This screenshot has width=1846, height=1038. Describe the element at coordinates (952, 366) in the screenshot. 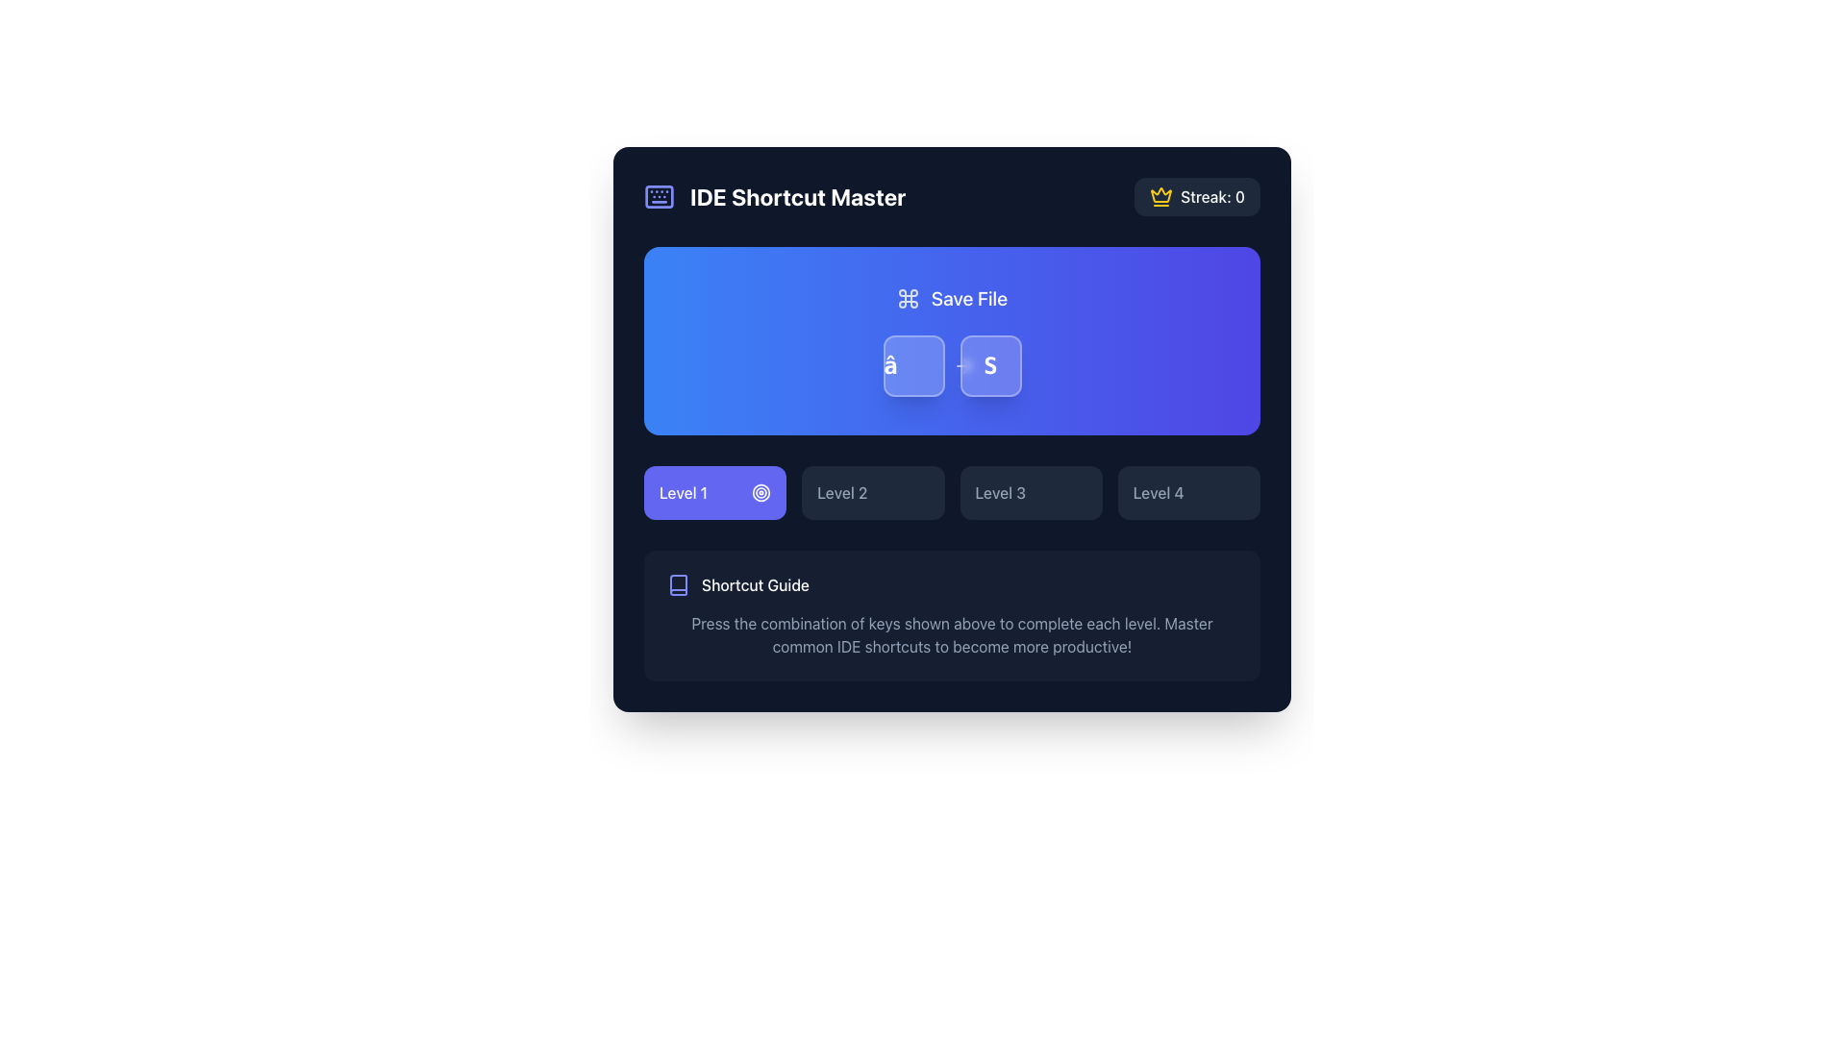

I see `the keyboard shortcut icon-text combination for saving a file located in the blue section labeled 'Save File', positioned centrally below the text` at that location.